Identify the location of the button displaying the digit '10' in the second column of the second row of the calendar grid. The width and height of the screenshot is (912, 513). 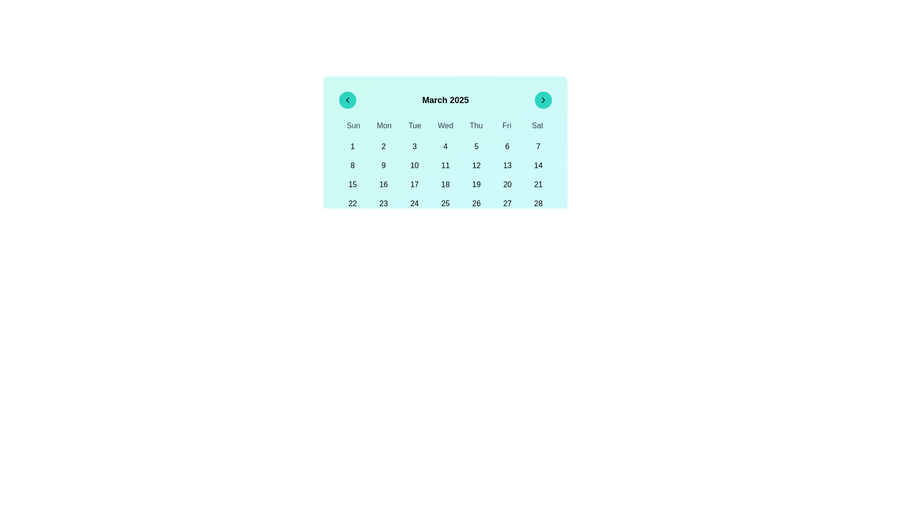
(414, 165).